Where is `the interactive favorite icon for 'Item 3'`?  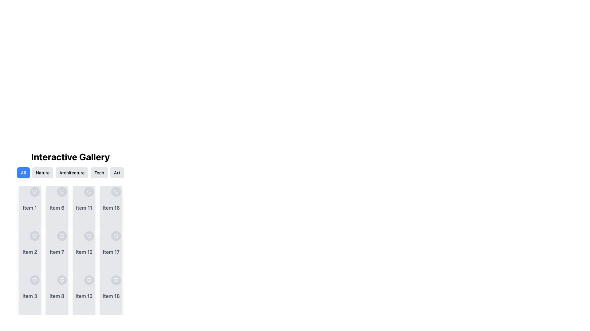
the interactive favorite icon for 'Item 3' is located at coordinates (34, 280).